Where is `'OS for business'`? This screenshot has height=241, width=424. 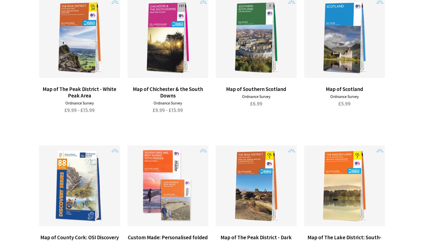
'OS for business' is located at coordinates (58, 191).